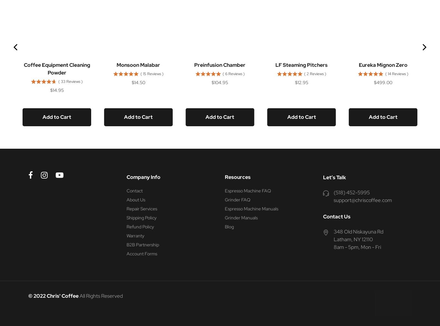 This screenshot has width=440, height=326. I want to click on 'Warranty', so click(135, 235).